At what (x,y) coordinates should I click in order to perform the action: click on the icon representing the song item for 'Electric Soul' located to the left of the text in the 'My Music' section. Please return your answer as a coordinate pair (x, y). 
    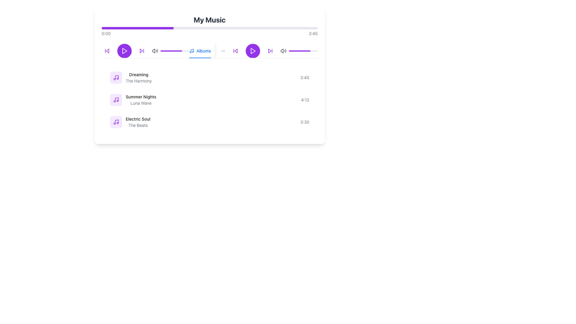
    Looking at the image, I should click on (116, 122).